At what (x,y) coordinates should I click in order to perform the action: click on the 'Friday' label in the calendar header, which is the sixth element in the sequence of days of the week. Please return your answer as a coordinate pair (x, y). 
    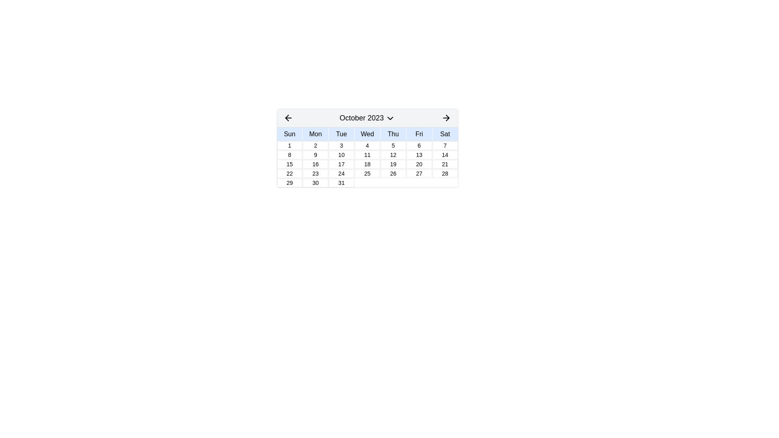
    Looking at the image, I should click on (419, 134).